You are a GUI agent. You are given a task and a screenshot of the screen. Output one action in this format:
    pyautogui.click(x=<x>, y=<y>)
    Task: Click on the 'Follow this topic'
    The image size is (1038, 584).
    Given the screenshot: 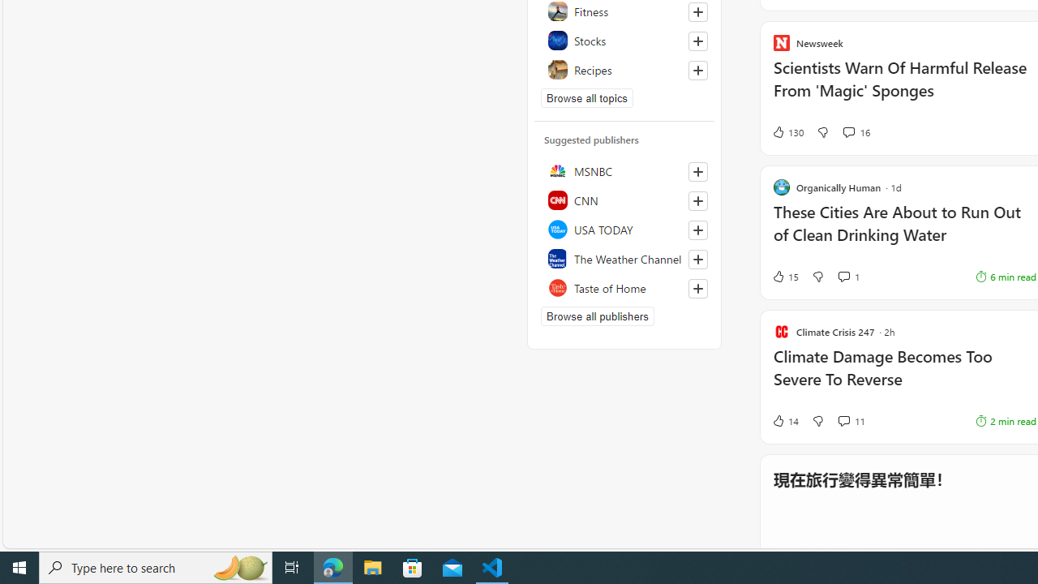 What is the action you would take?
    pyautogui.click(x=697, y=69)
    